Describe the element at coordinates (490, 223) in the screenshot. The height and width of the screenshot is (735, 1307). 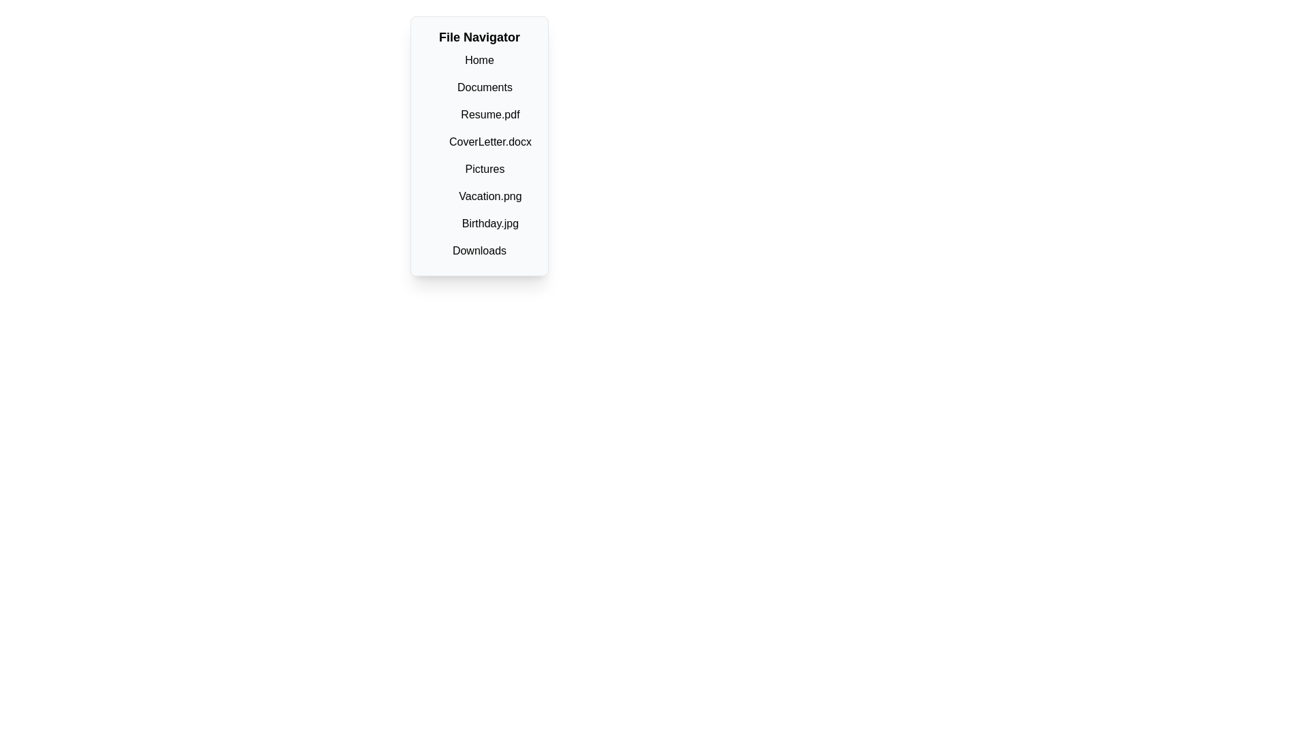
I see `the text label displaying the file name 'Birthday.jpg' in the 'File Navigator' menu, which is the sixth item in the list` at that location.